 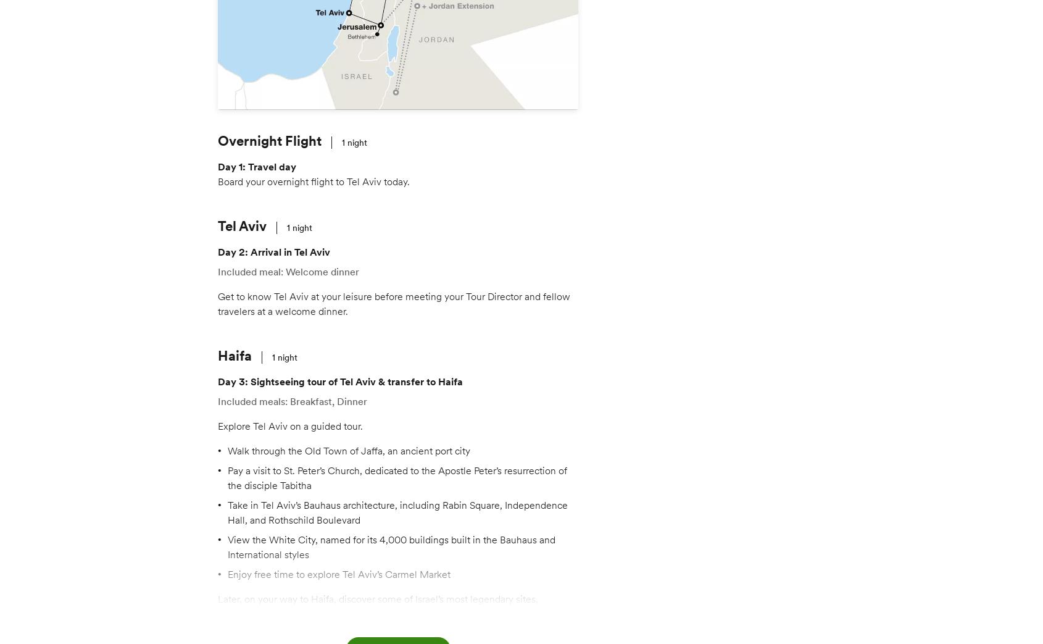 What do you see at coordinates (654, 342) in the screenshot?
I see `'Sep 23'` at bounding box center [654, 342].